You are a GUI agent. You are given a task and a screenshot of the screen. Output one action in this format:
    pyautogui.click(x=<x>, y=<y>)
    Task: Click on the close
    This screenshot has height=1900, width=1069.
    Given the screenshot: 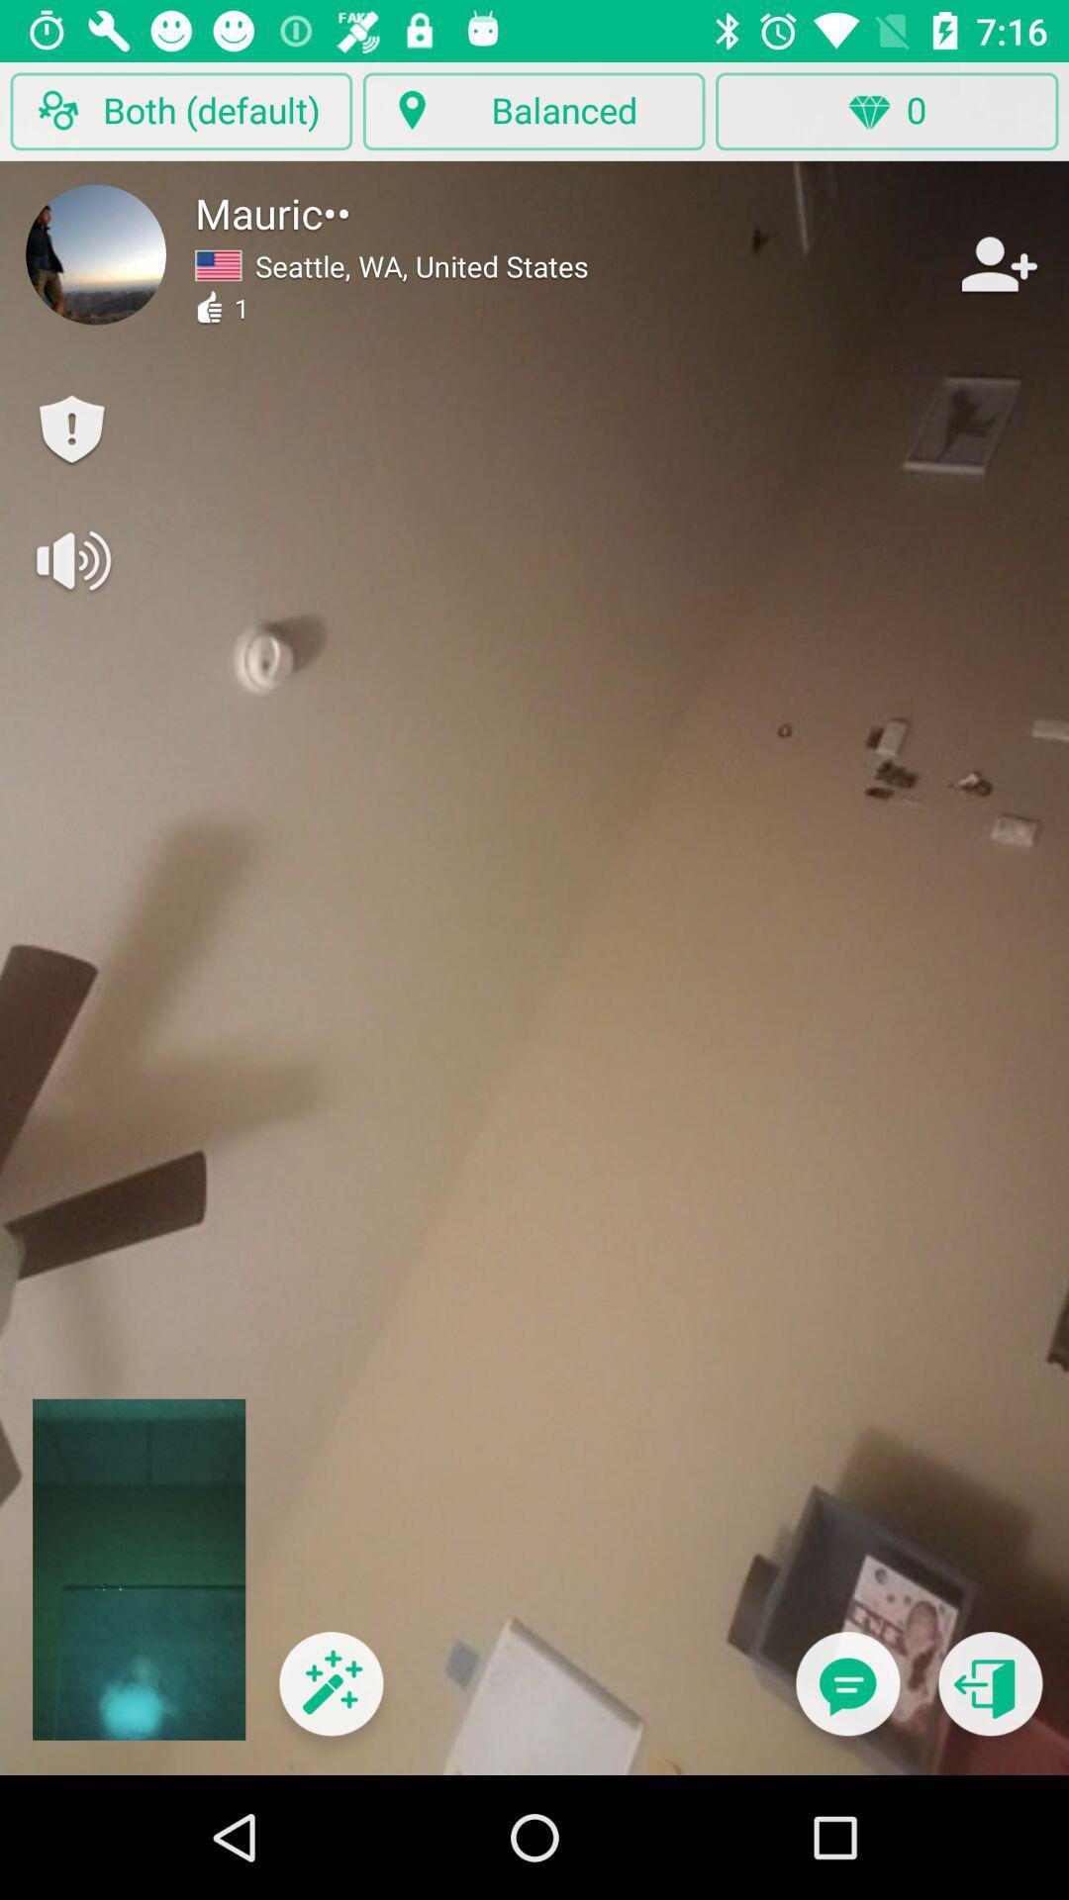 What is the action you would take?
    pyautogui.click(x=990, y=1695)
    